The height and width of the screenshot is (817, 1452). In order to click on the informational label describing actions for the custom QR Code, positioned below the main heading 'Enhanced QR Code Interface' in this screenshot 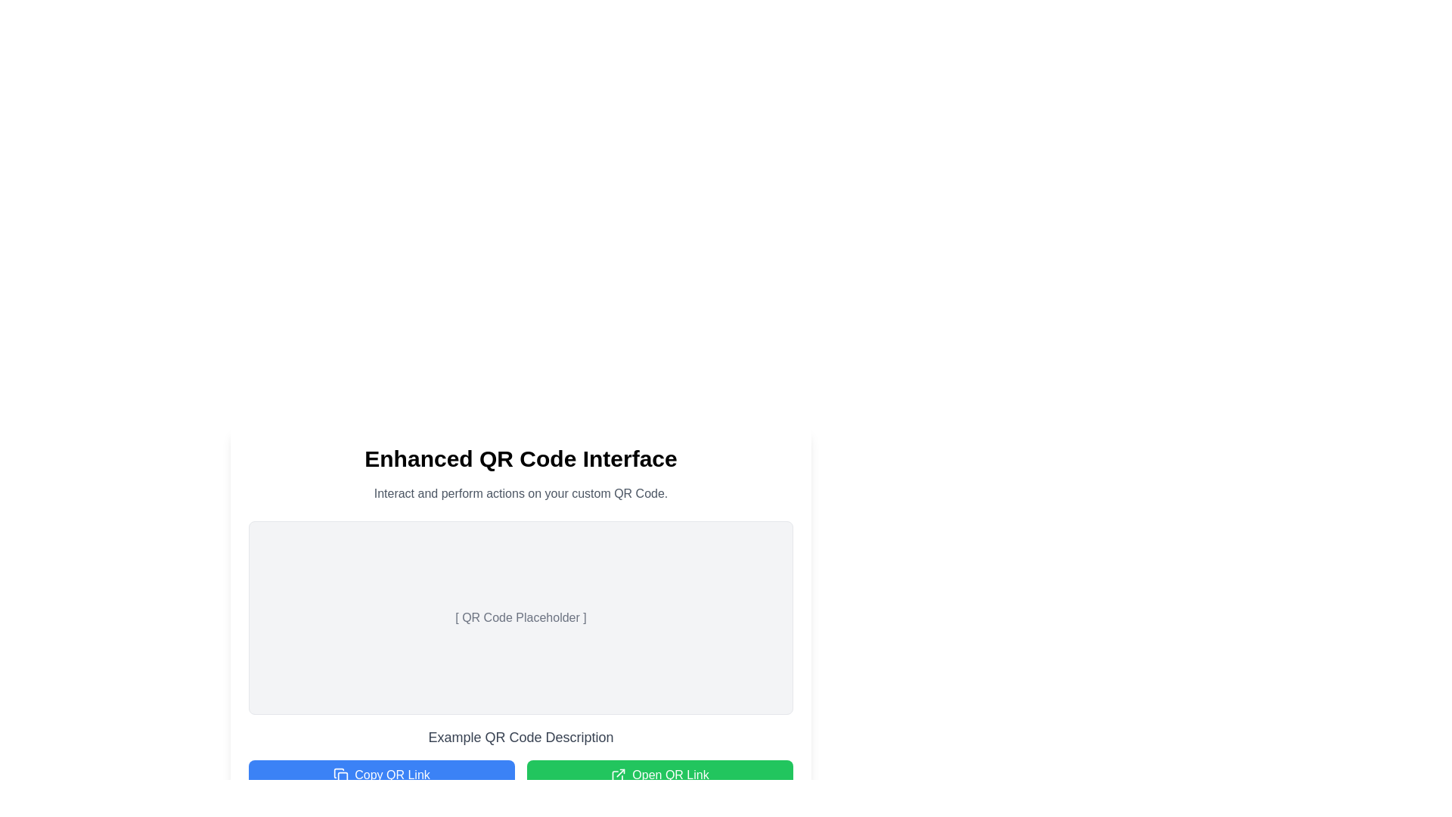, I will do `click(521, 493)`.